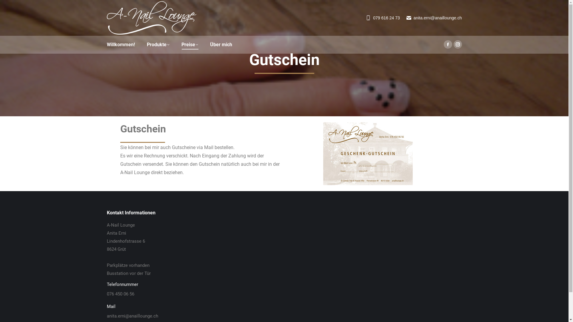 This screenshot has height=322, width=573. Describe the element at coordinates (107, 44) in the screenshot. I see `'Willkommen!'` at that location.